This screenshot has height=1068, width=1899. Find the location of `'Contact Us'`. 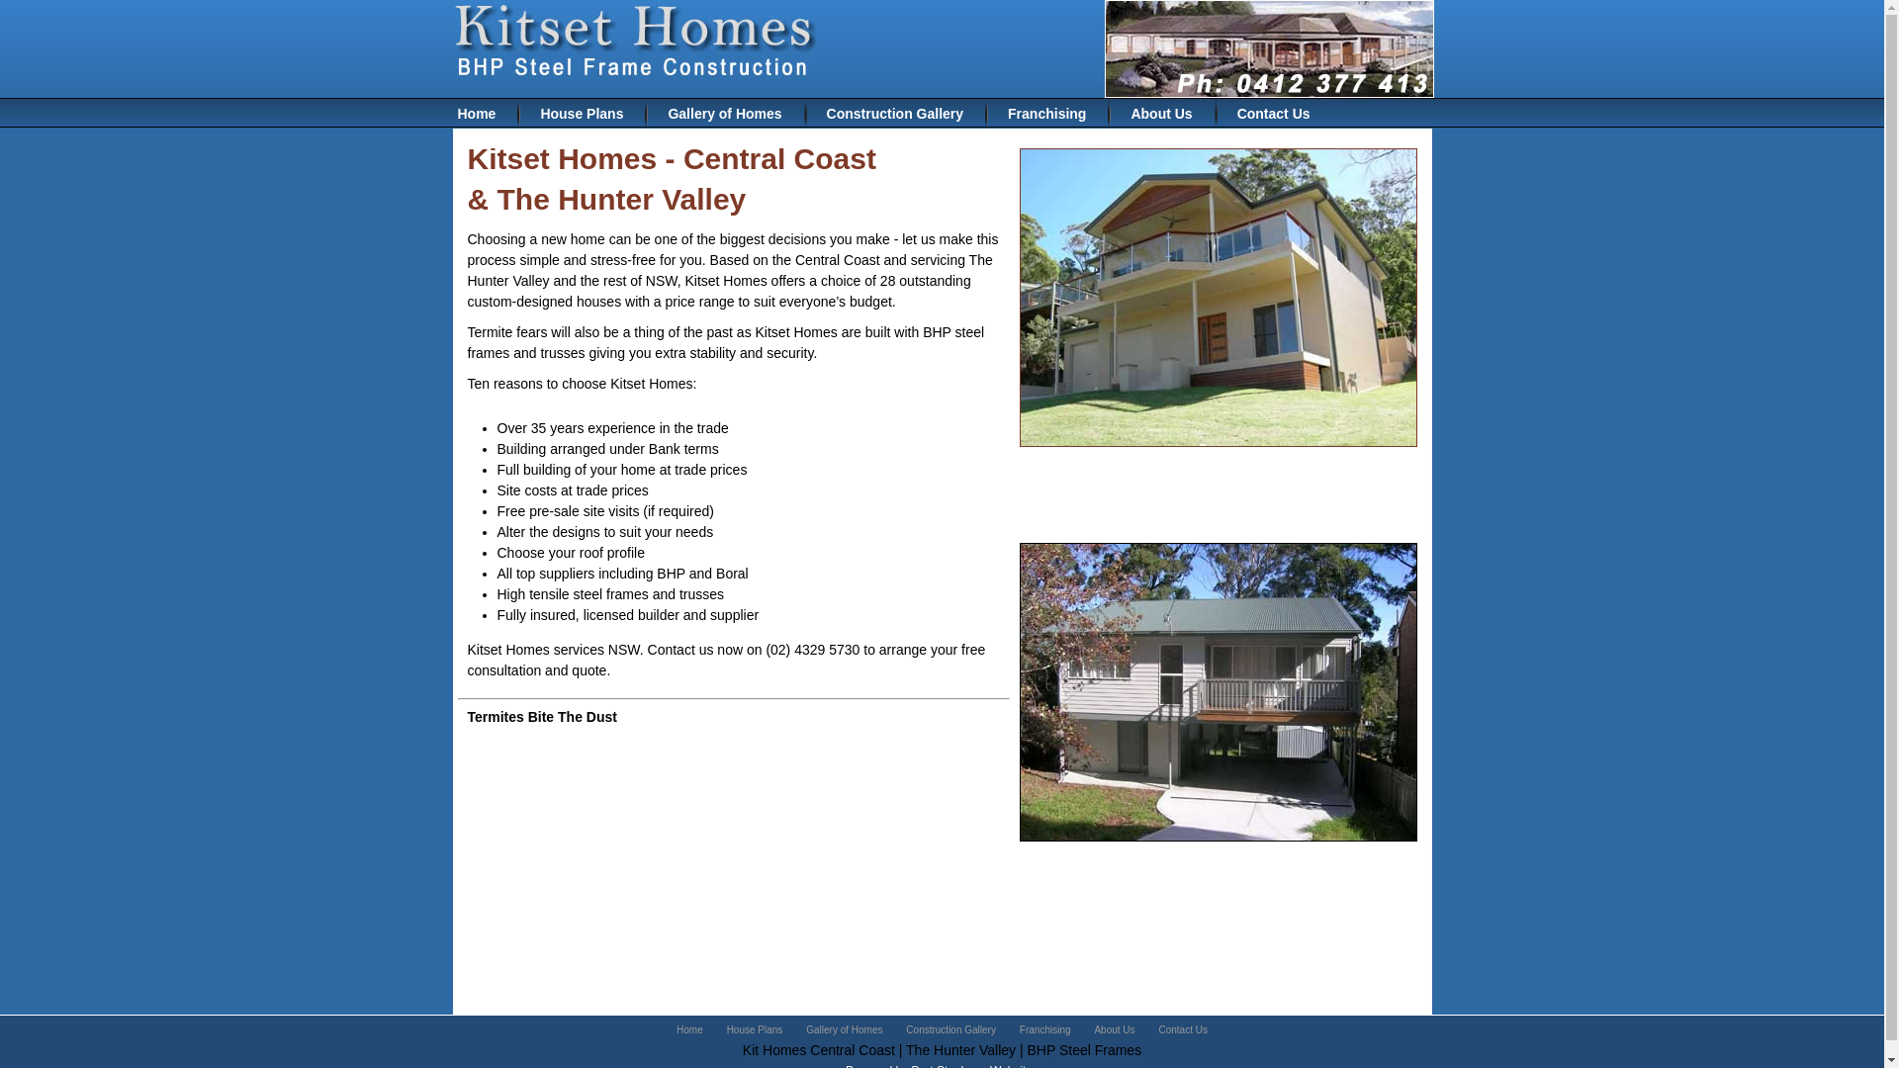

'Contact Us' is located at coordinates (1148, 1028).